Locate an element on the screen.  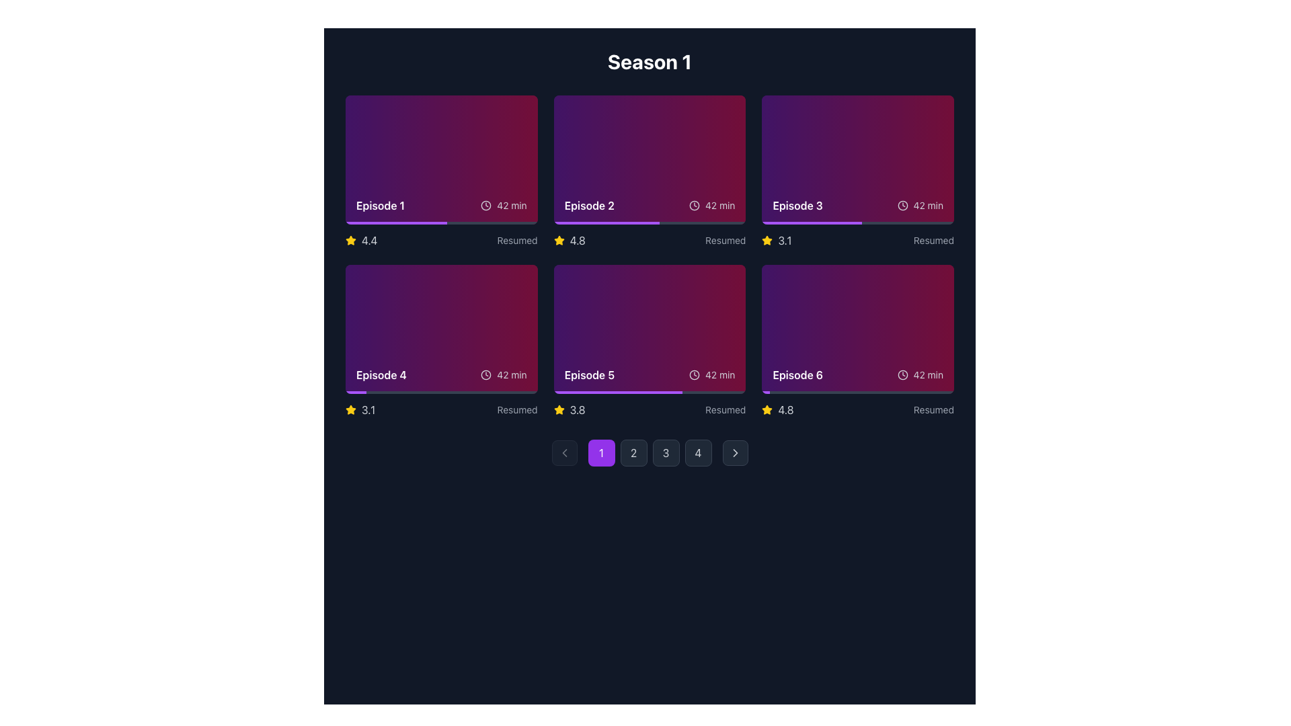
text content of the Text Label displaying the duration of Episode 2, positioned to the immediate right of the clock icon is located at coordinates (719, 205).